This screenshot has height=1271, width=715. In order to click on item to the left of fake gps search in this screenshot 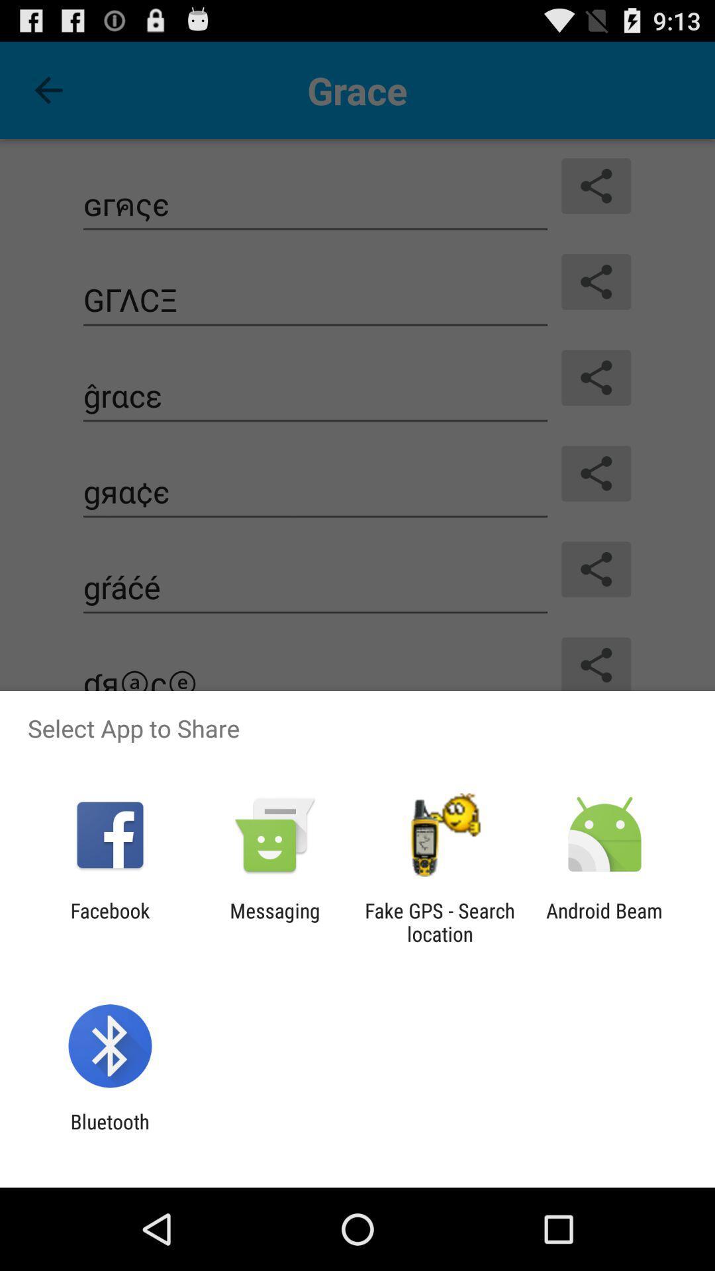, I will do `click(274, 921)`.